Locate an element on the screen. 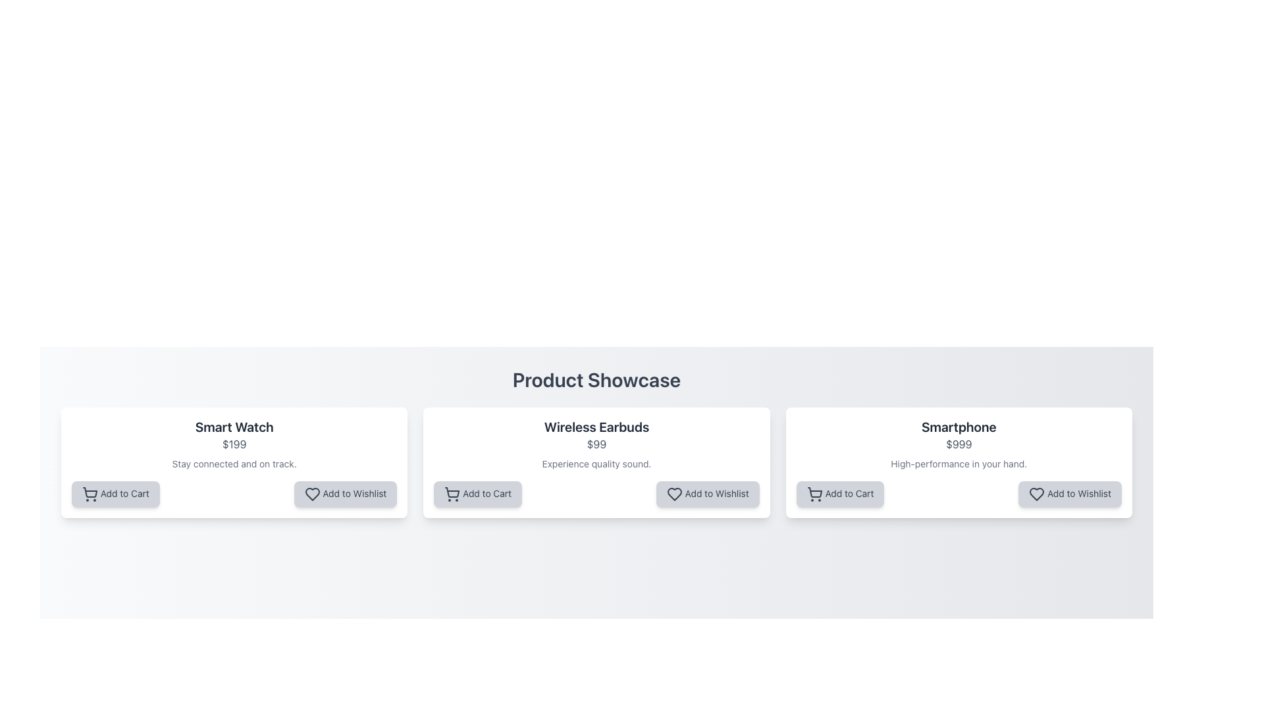  the 'Add to Cart' button, which features rounded corners, a light gray background, a shopping cart icon, and is located at the lower left corner of the 'Smart Watch' item's card is located at coordinates (115, 494).